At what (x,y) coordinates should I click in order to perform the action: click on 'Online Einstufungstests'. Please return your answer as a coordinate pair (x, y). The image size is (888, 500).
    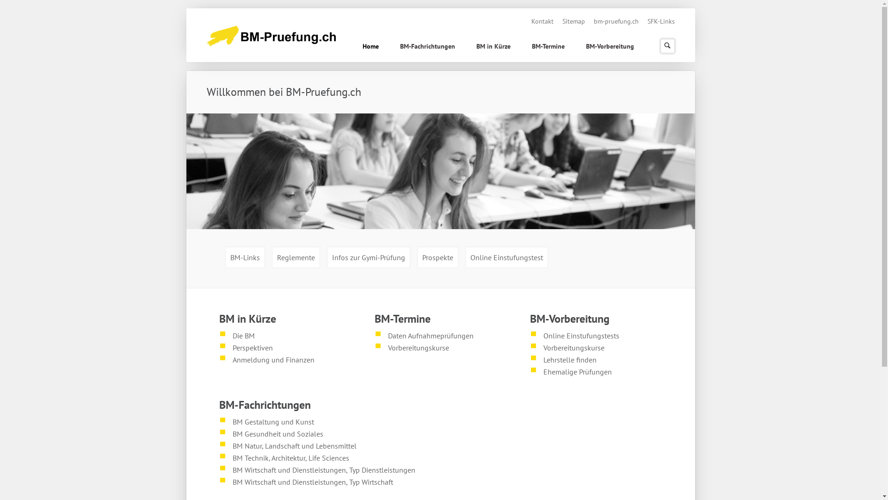
    Looking at the image, I should click on (581, 336).